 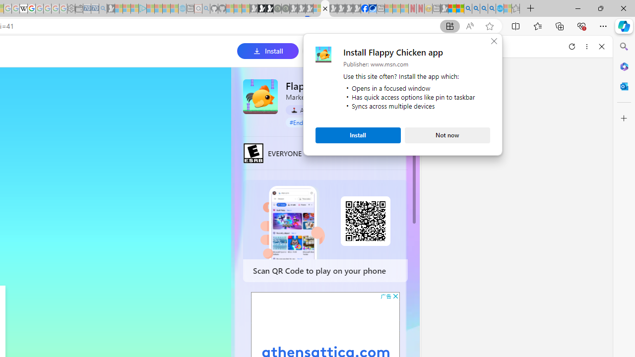 I want to click on 'Nordace | Facebook', so click(x=365, y=8).